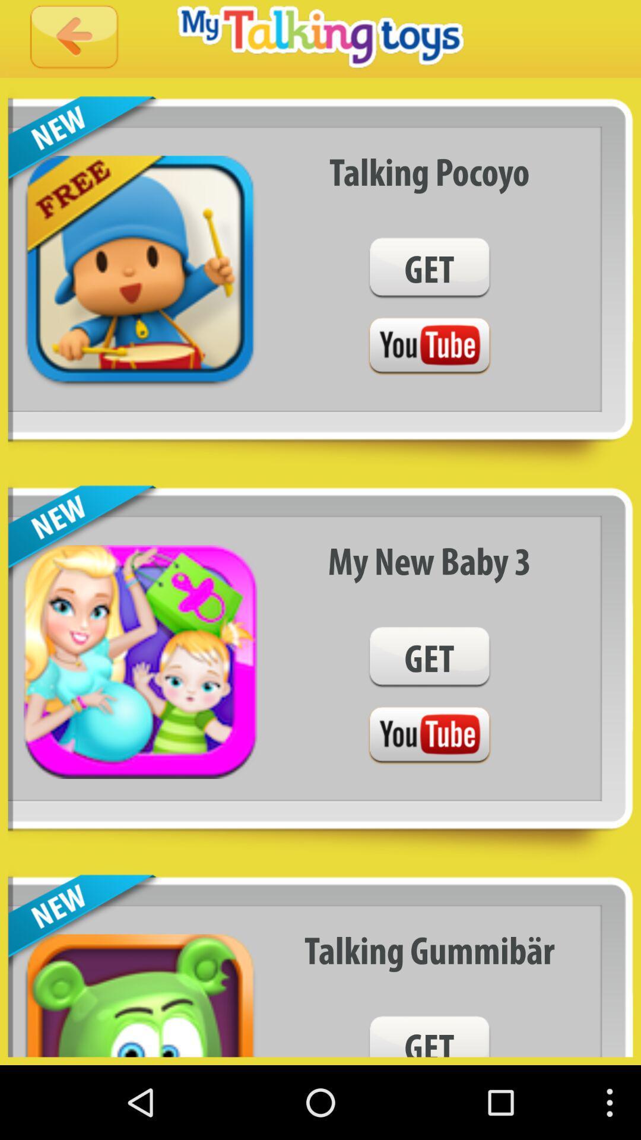  I want to click on talking pocoyo item, so click(429, 171).